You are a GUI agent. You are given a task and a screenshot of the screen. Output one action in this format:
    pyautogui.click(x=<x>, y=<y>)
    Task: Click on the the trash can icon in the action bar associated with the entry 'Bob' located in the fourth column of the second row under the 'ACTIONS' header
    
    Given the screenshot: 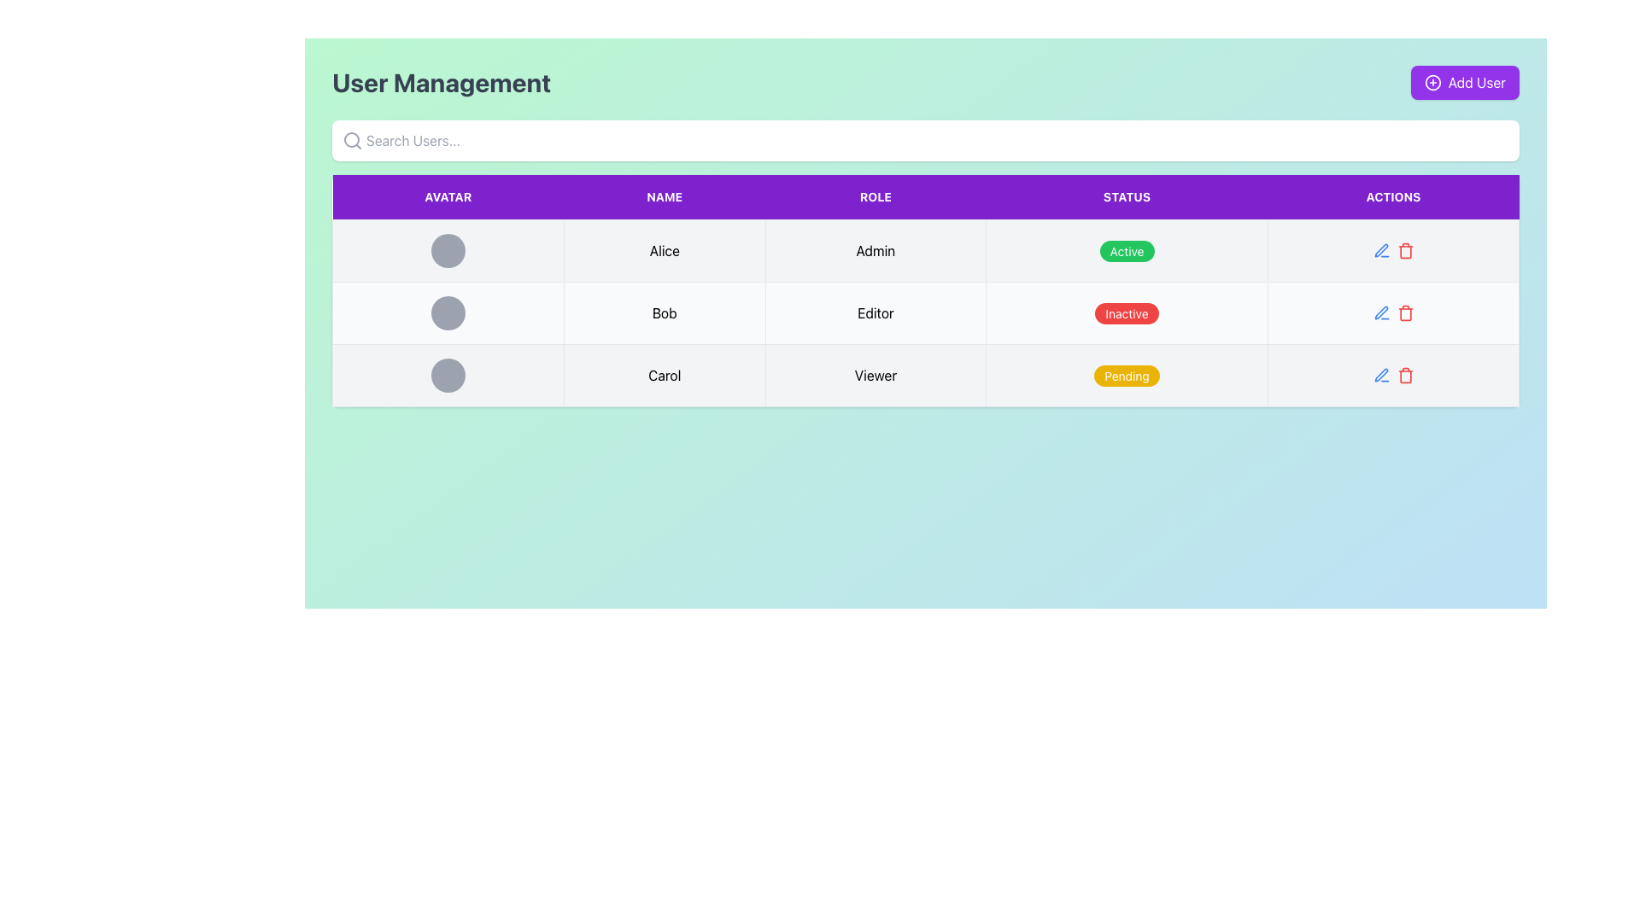 What is the action you would take?
    pyautogui.click(x=1393, y=312)
    